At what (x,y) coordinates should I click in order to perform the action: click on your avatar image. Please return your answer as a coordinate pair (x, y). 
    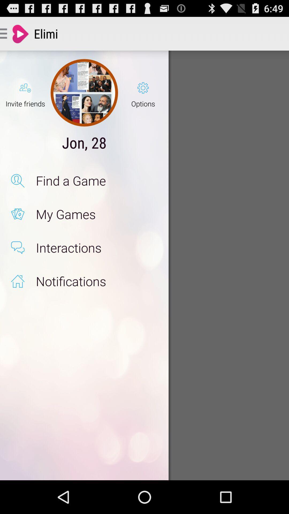
    Looking at the image, I should click on (84, 93).